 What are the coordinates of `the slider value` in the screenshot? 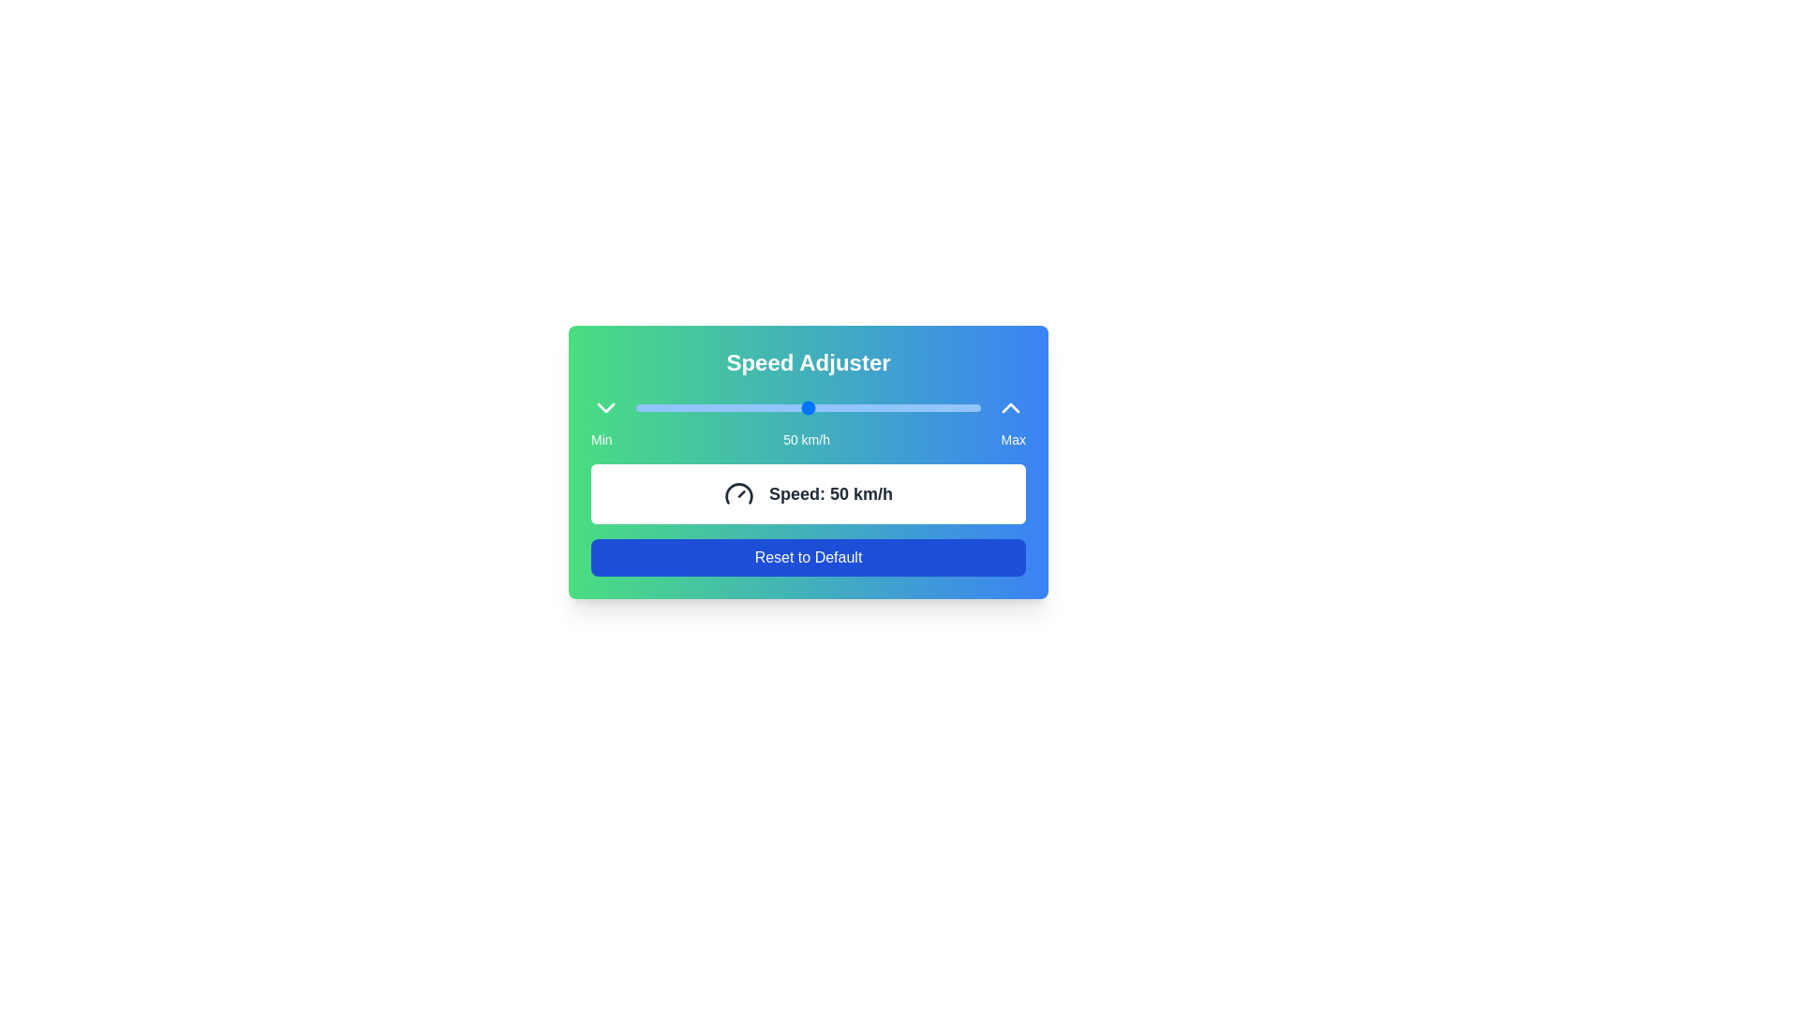 It's located at (639, 406).